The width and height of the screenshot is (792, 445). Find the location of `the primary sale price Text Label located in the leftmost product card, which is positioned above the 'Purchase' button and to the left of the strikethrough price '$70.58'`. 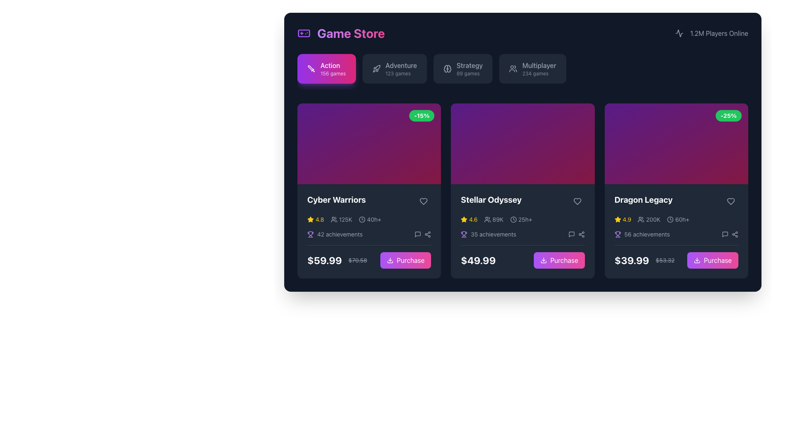

the primary sale price Text Label located in the leftmost product card, which is positioned above the 'Purchase' button and to the left of the strikethrough price '$70.58' is located at coordinates (324, 260).